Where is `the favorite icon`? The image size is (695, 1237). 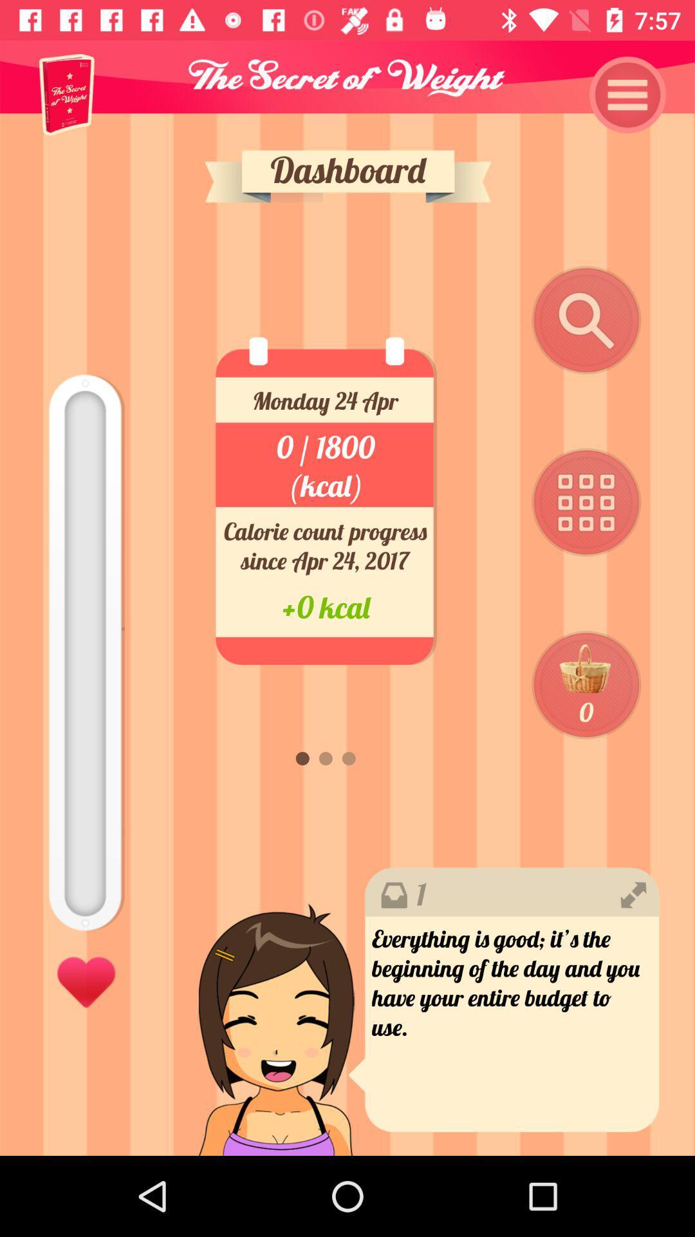 the favorite icon is located at coordinates (86, 979).